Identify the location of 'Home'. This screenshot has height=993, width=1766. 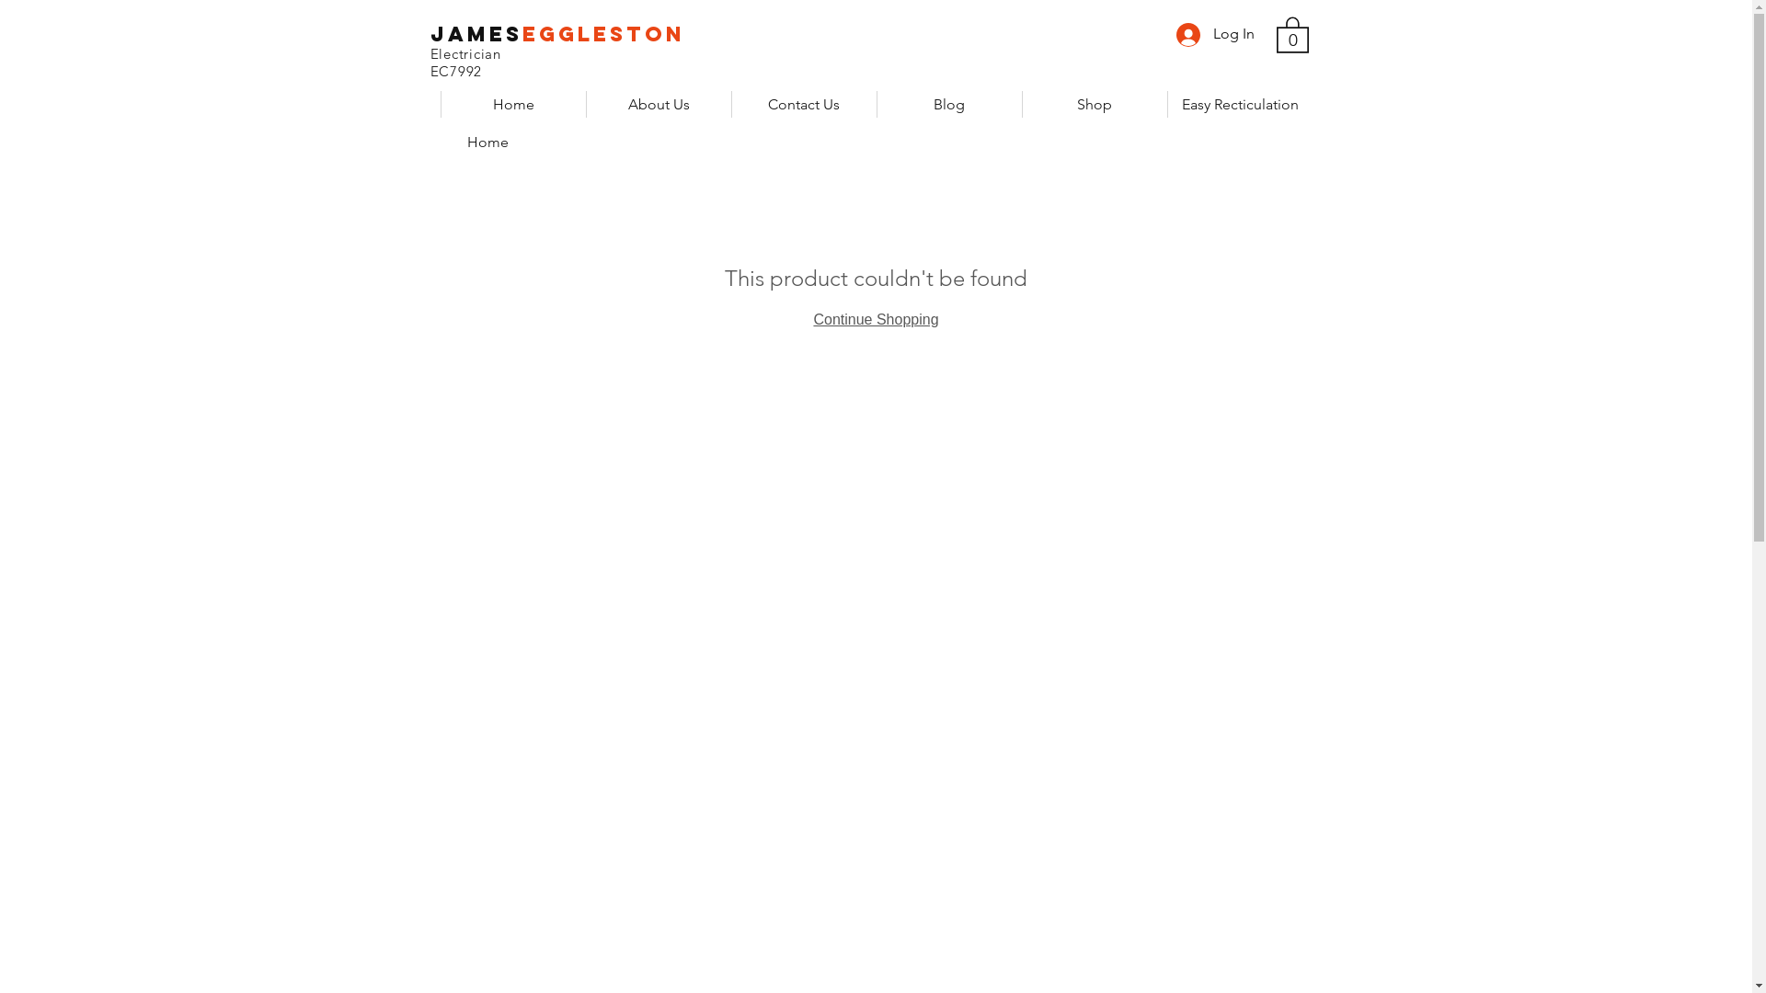
(511, 104).